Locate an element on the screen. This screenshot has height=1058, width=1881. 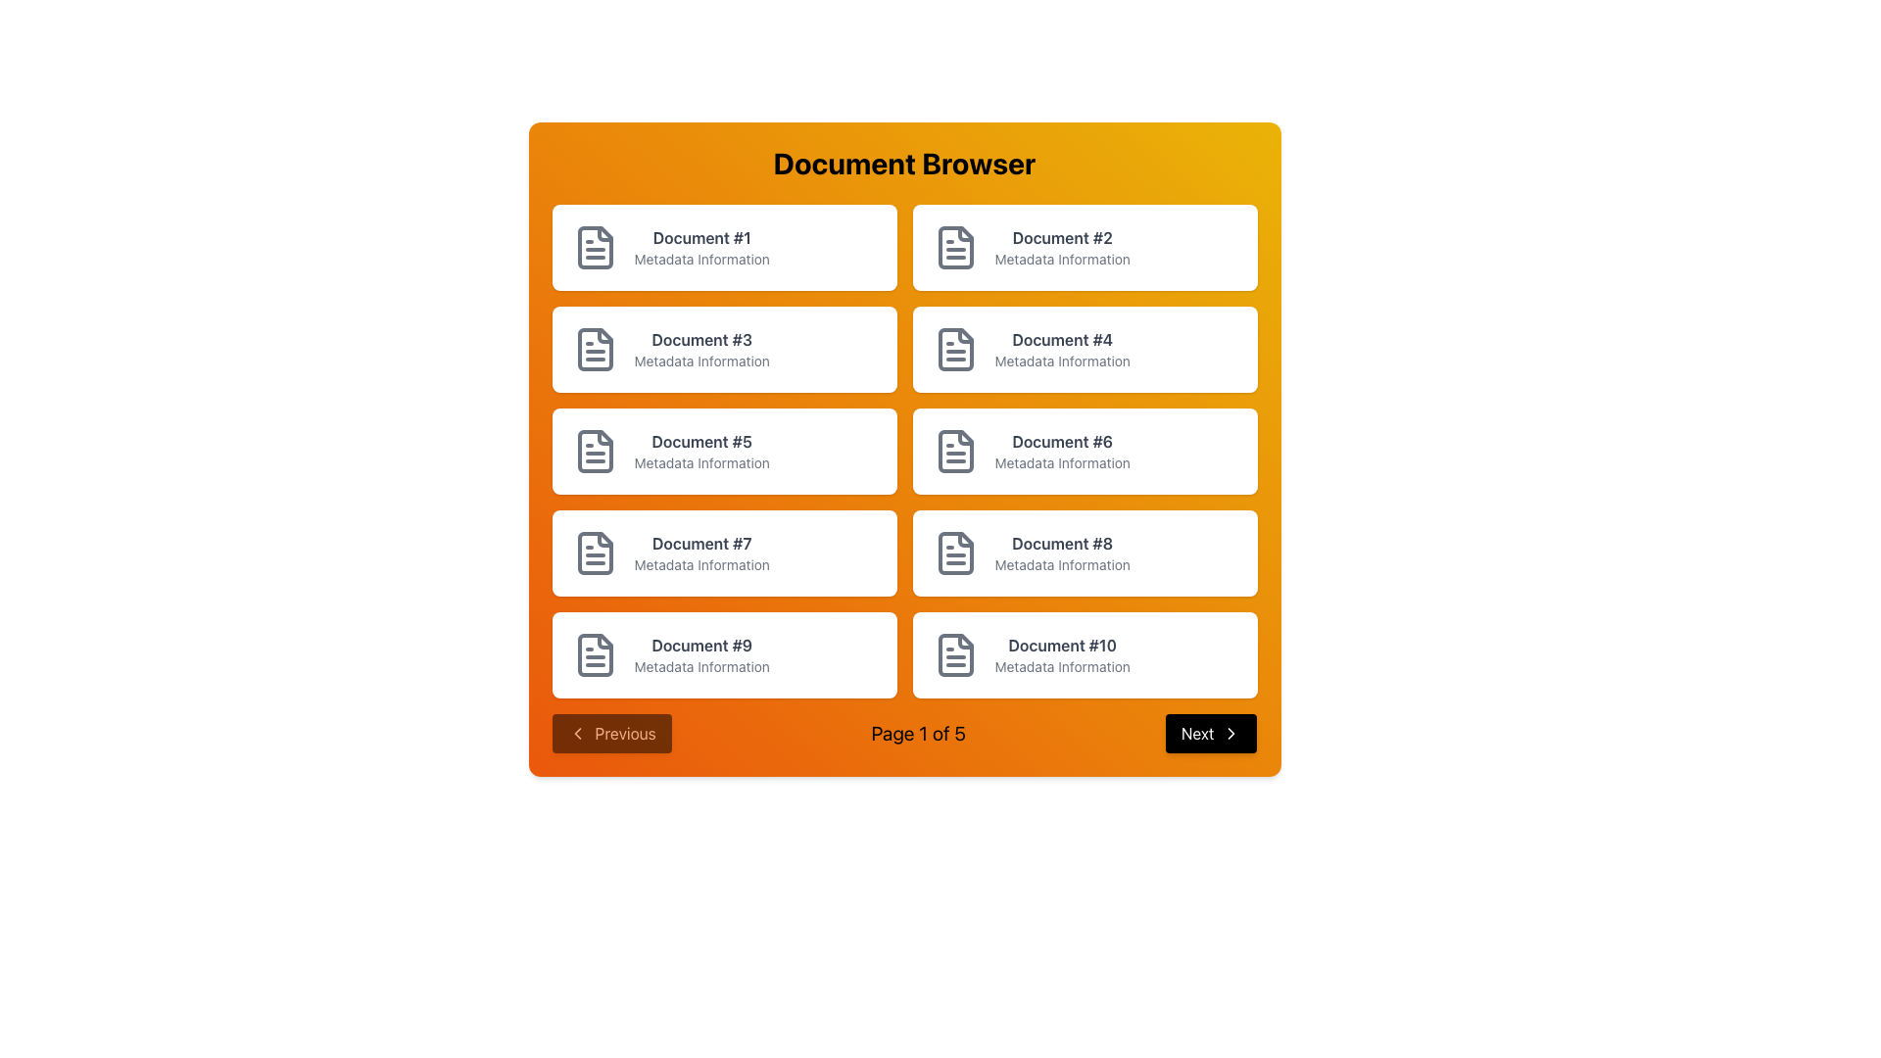
the Text Label providing metadata for 'Document #4' located in the second column of the second row in the 'Document Browser' interface is located at coordinates (1061, 361).